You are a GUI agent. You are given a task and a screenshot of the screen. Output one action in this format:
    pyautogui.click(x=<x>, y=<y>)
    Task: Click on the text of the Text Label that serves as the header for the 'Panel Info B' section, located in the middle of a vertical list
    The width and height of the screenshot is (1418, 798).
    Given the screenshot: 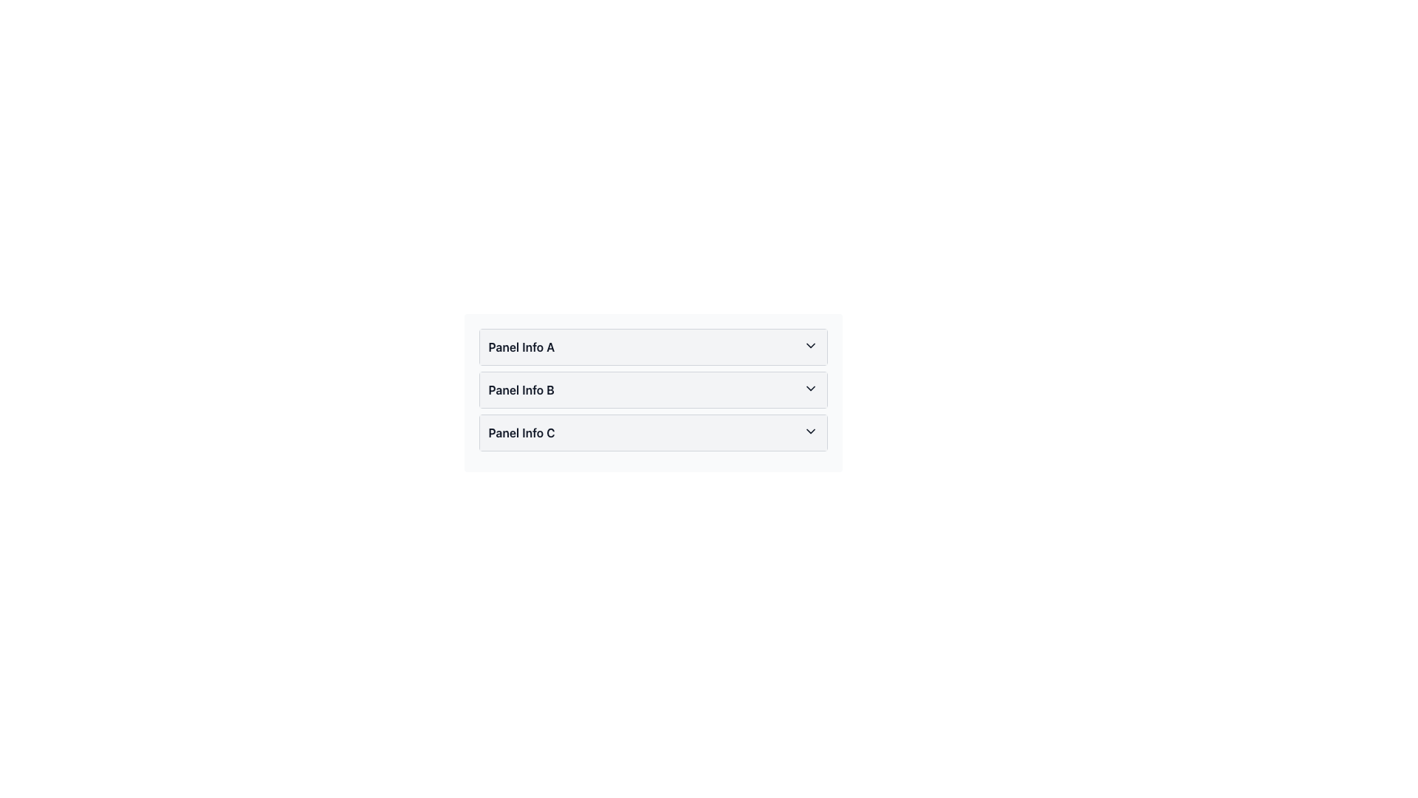 What is the action you would take?
    pyautogui.click(x=521, y=389)
    